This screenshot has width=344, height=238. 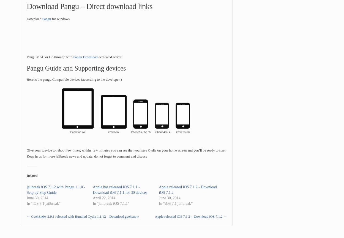 I want to click on 'Download', so click(x=26, y=18).